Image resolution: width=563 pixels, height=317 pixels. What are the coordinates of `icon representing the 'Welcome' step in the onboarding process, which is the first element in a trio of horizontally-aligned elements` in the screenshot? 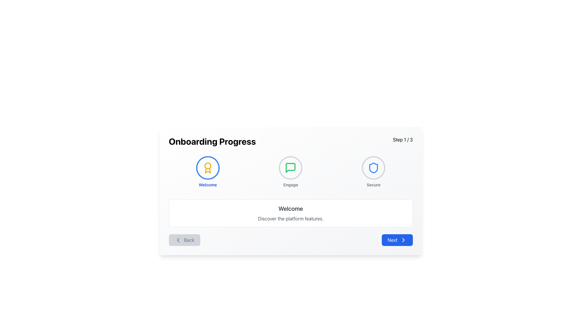 It's located at (208, 172).